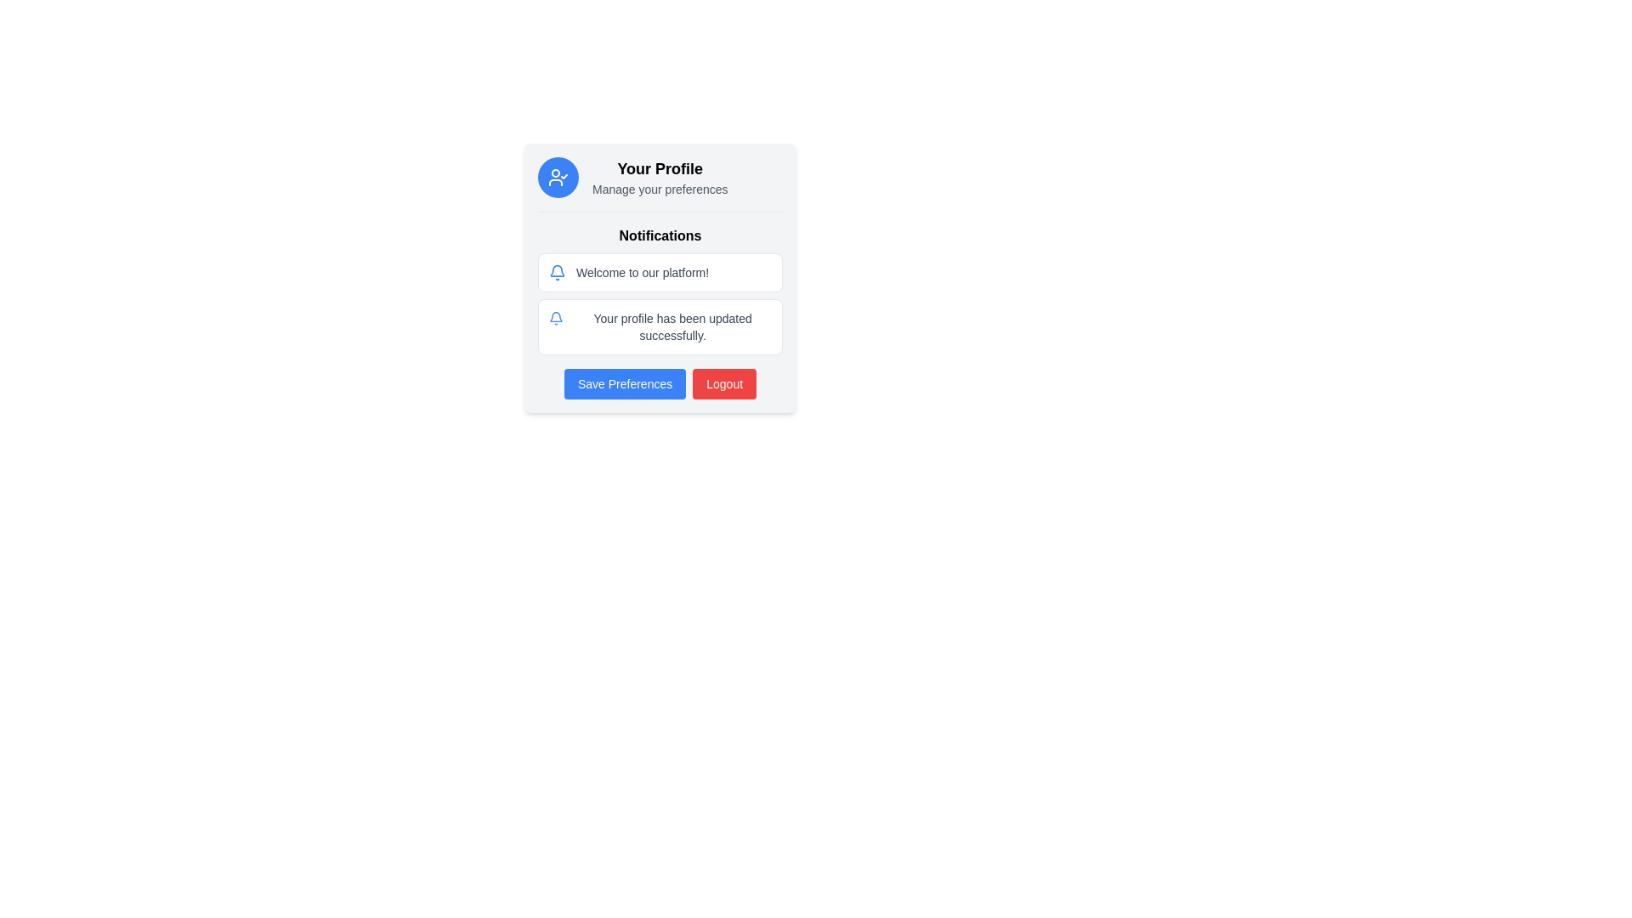  I want to click on the text that informs the user about the successful profile update, located inside the second notification entry above the buttons in the card, so click(671, 327).